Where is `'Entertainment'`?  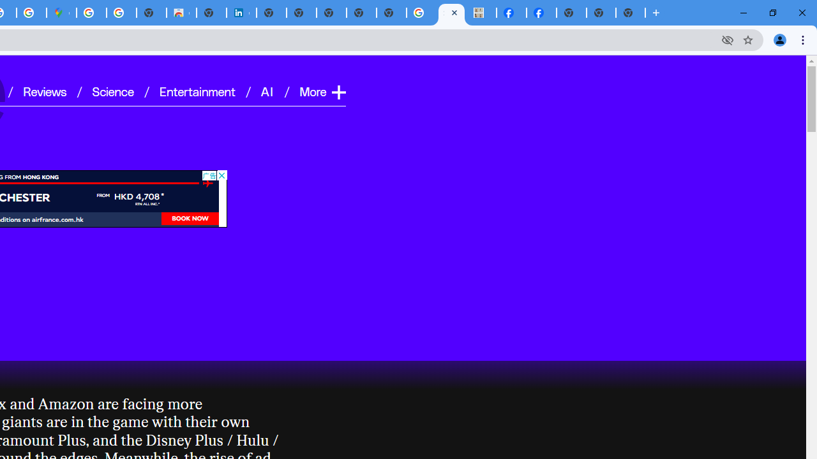
'Entertainment' is located at coordinates (197, 90).